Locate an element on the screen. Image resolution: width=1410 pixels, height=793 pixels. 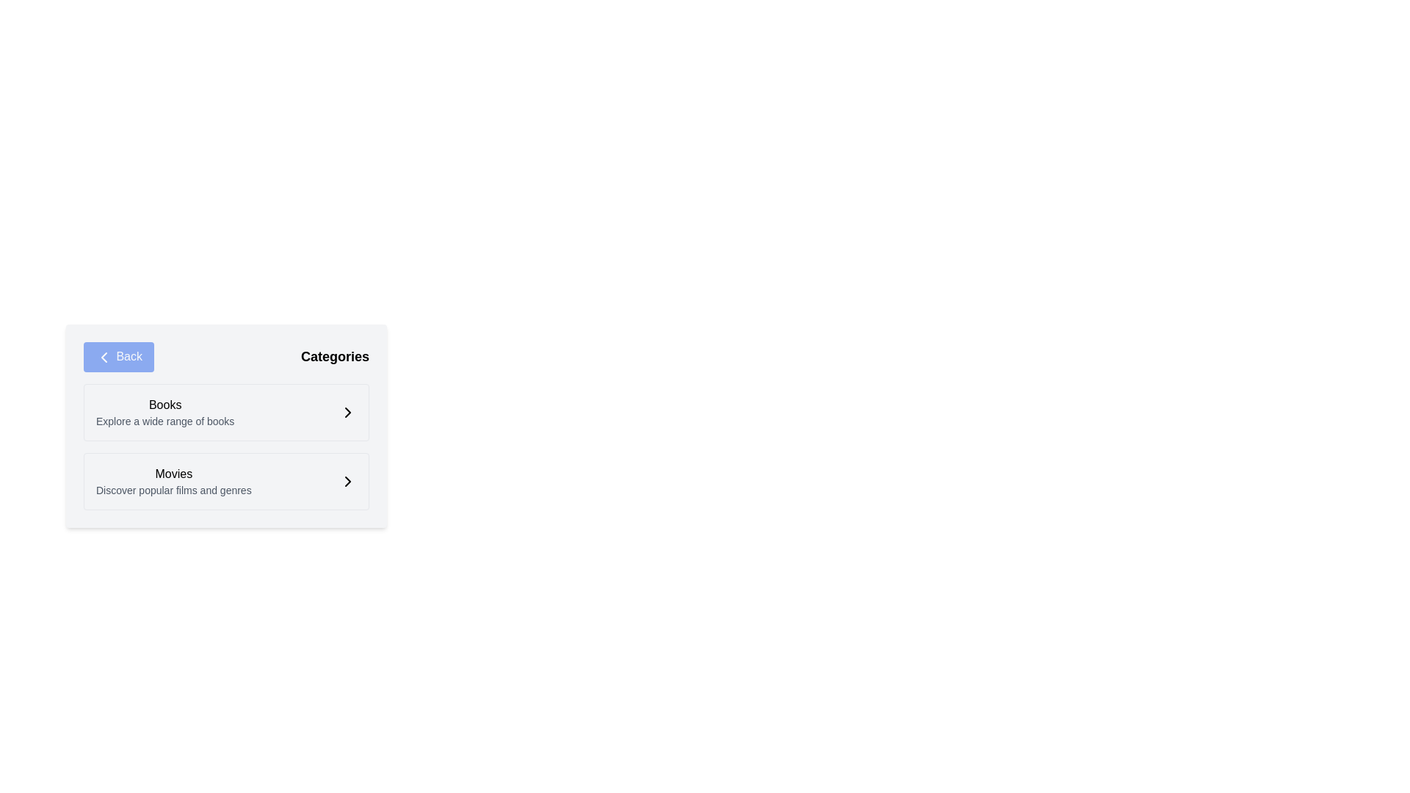
the text element displaying 'Discover popular films and genres', which is located beneath the 'Movies' section title is located at coordinates (173, 490).